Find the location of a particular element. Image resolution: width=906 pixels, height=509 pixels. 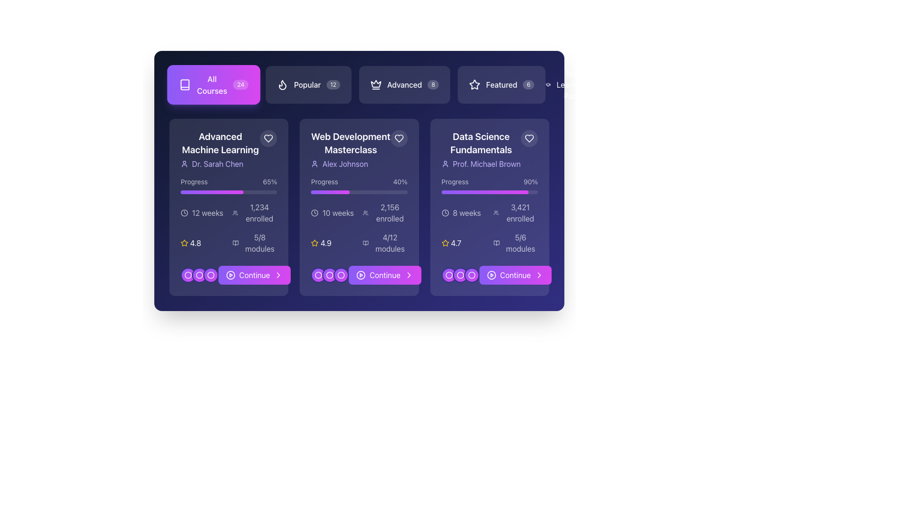

the details in the Information panel located within the 'Data Science Fundamentals' card, positioned above the 'Continue' button and below the progress bar is located at coordinates (489, 228).